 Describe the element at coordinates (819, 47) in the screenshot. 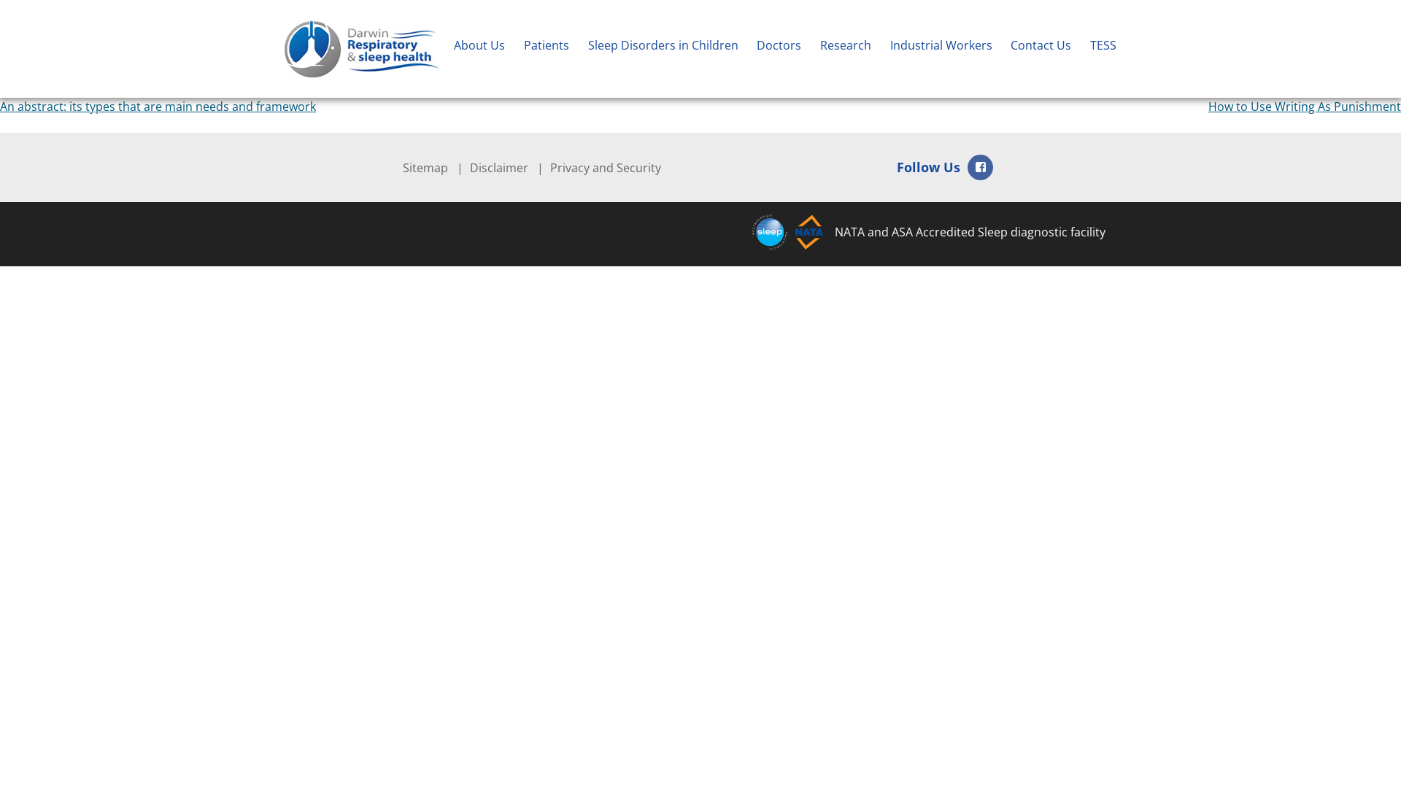

I see `'Research'` at that location.